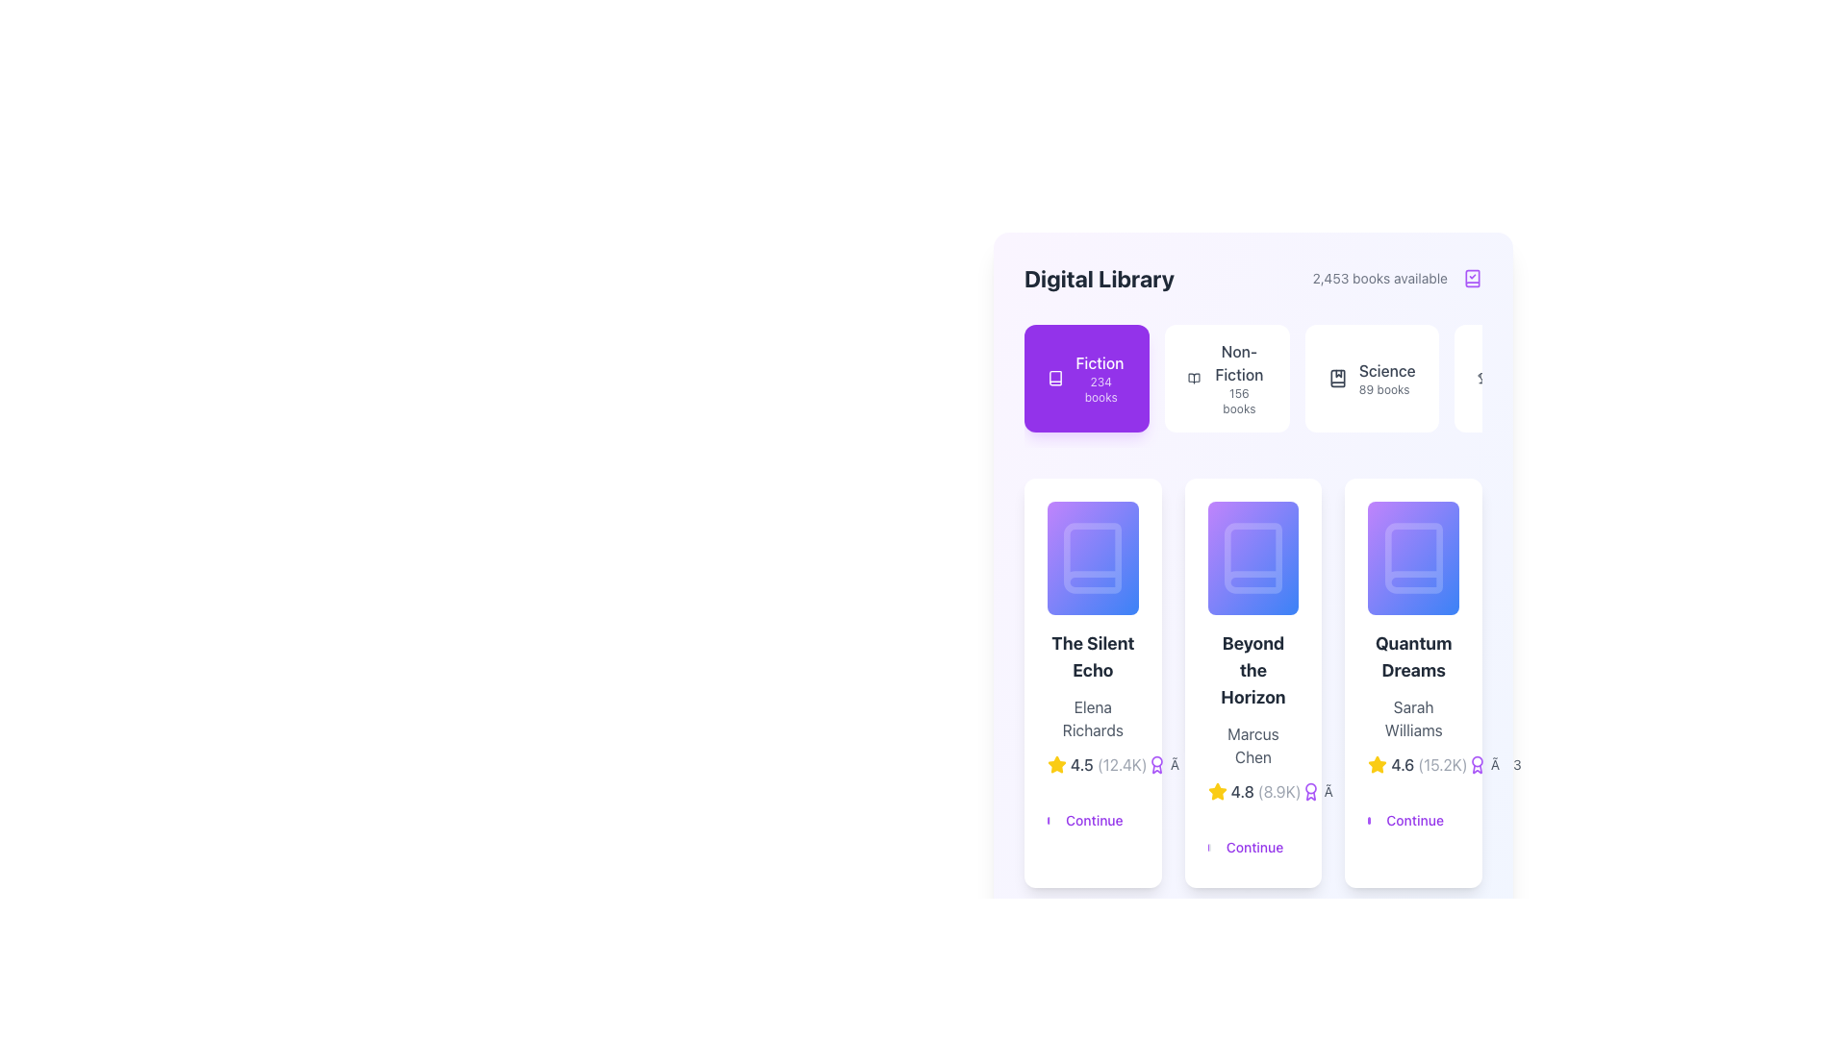 The height and width of the screenshot is (1038, 1847). Describe the element at coordinates (1442, 764) in the screenshot. I see `the static text element displaying the review count for the book 'Quantum Dreams', which is positioned under the rating star and the text '4.6'` at that location.